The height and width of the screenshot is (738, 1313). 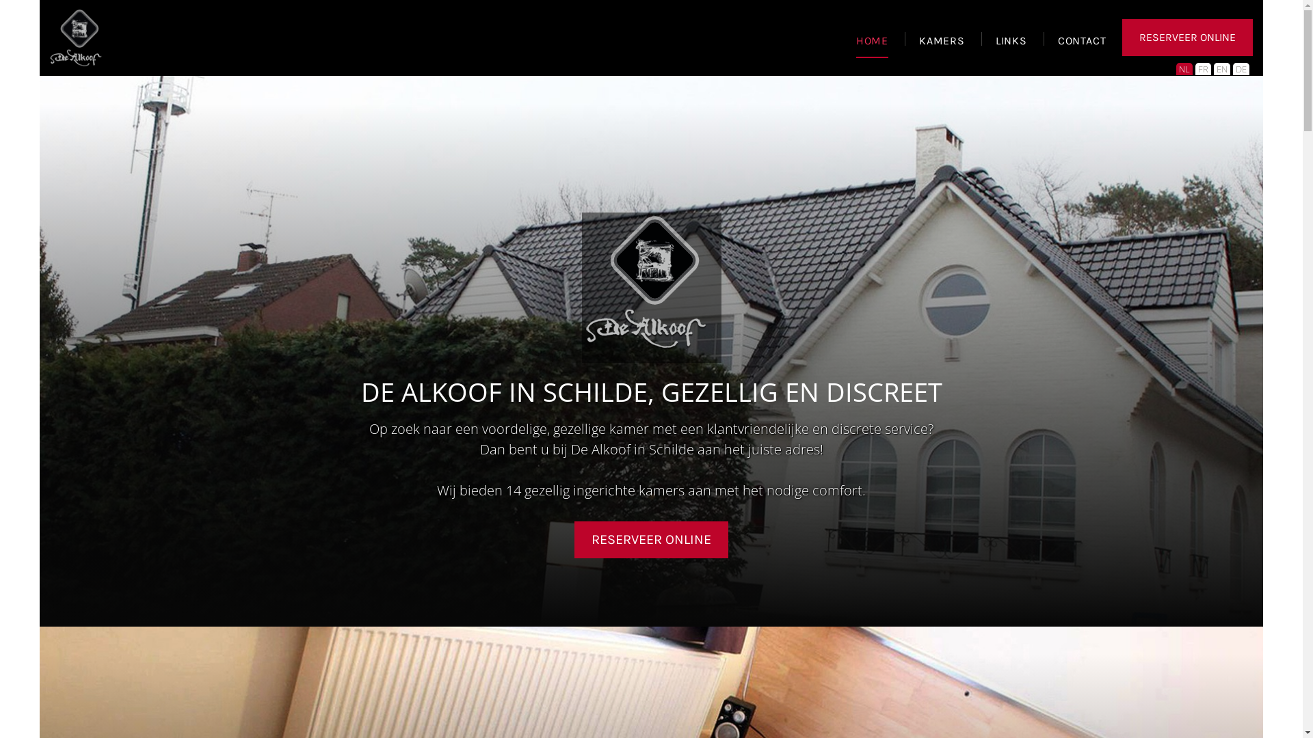 What do you see at coordinates (1221, 68) in the screenshot?
I see `'EN'` at bounding box center [1221, 68].